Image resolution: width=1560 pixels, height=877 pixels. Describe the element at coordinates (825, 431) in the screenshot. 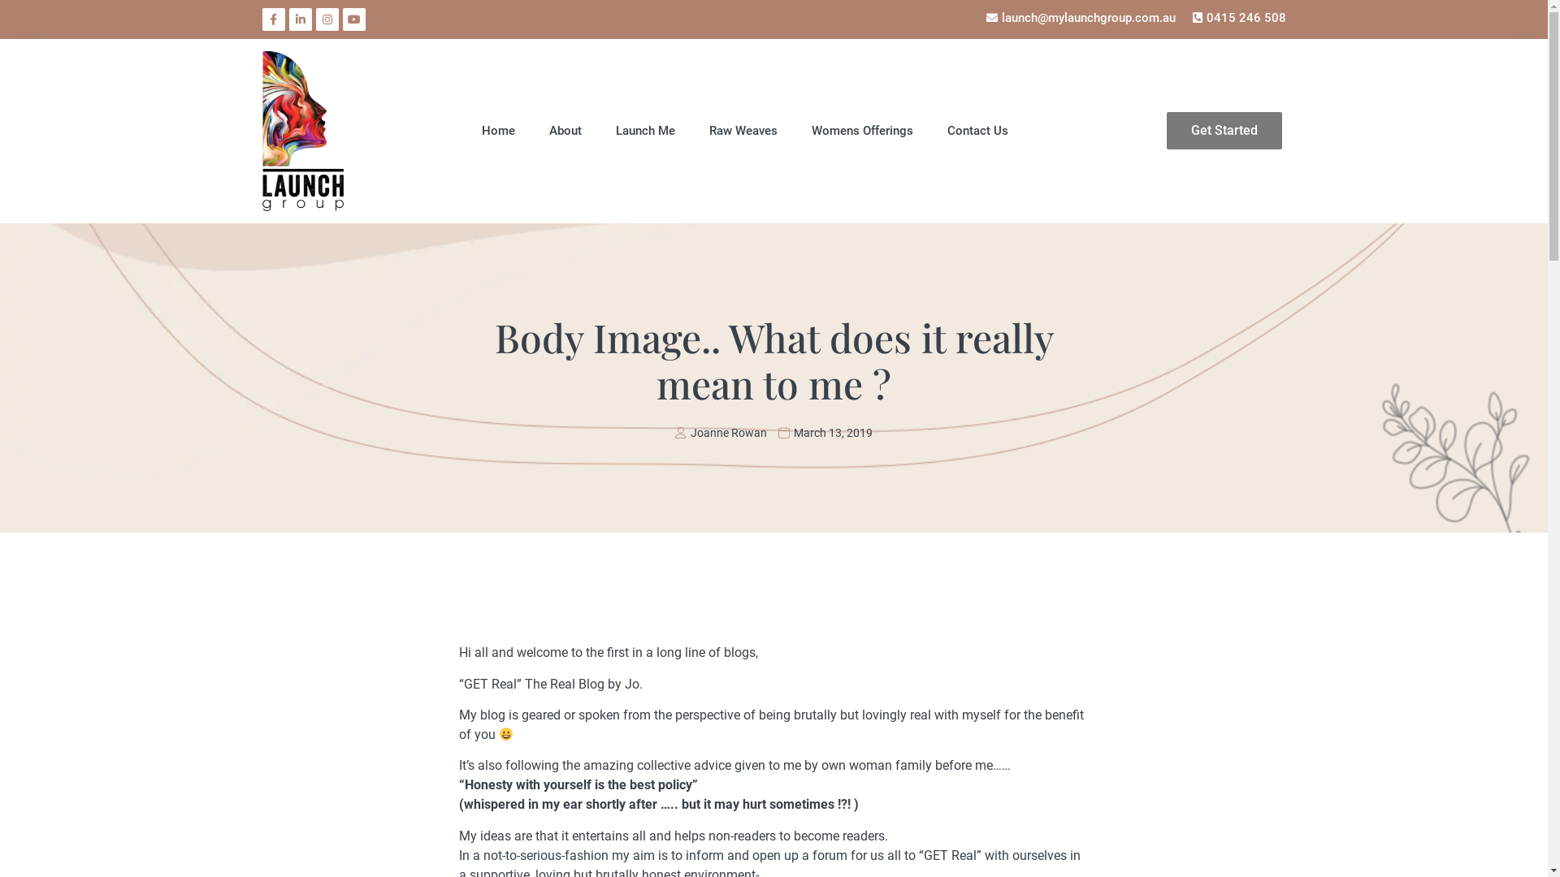

I see `'March 13, 2019'` at that location.